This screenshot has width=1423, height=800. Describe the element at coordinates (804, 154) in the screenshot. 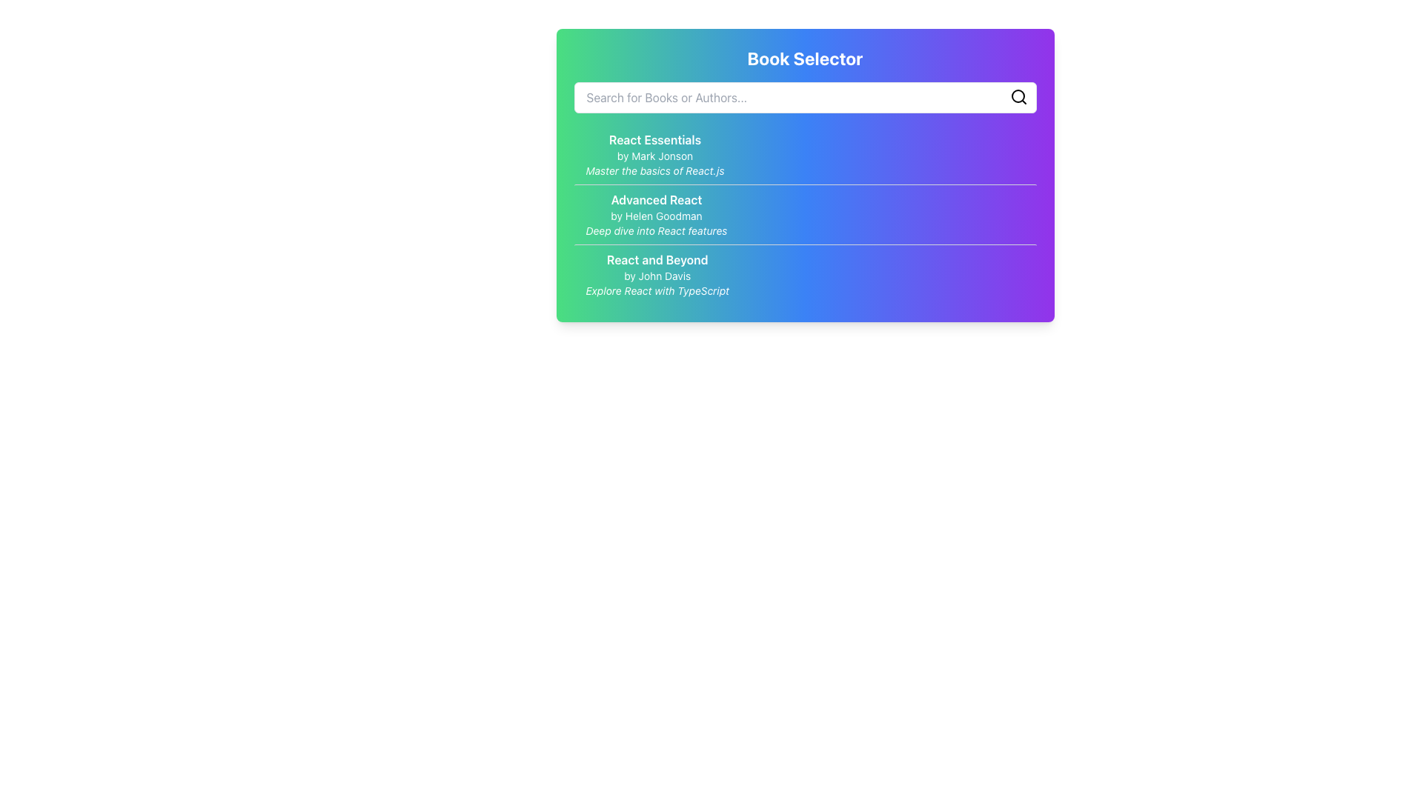

I see `the first selection item for 'React Essentials' in the Book Selector interface` at that location.